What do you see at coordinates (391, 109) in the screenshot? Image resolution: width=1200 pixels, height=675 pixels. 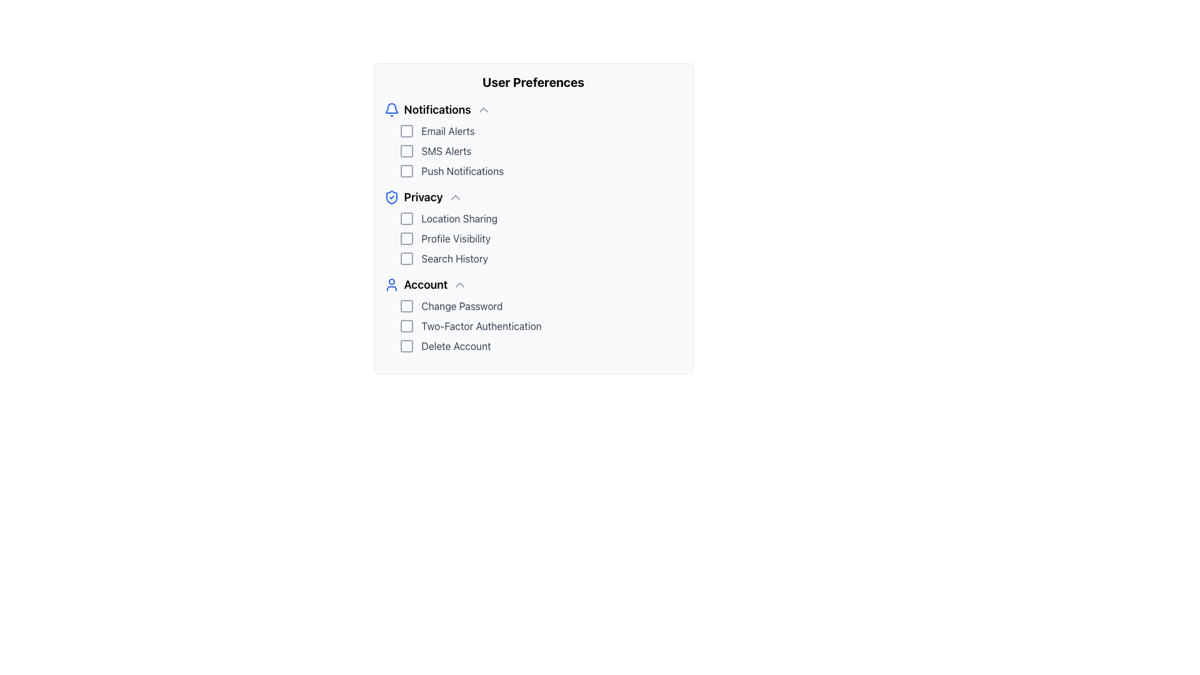 I see `the Notifications icon located to the left of the 'Notifications' text in the 'User Preferences' section` at bounding box center [391, 109].